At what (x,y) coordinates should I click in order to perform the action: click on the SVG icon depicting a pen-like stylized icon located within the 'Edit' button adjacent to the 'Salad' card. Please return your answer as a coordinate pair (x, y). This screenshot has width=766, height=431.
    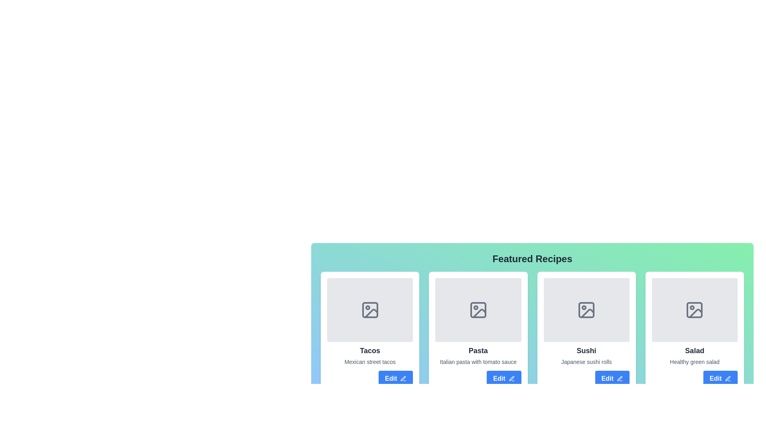
    Looking at the image, I should click on (728, 378).